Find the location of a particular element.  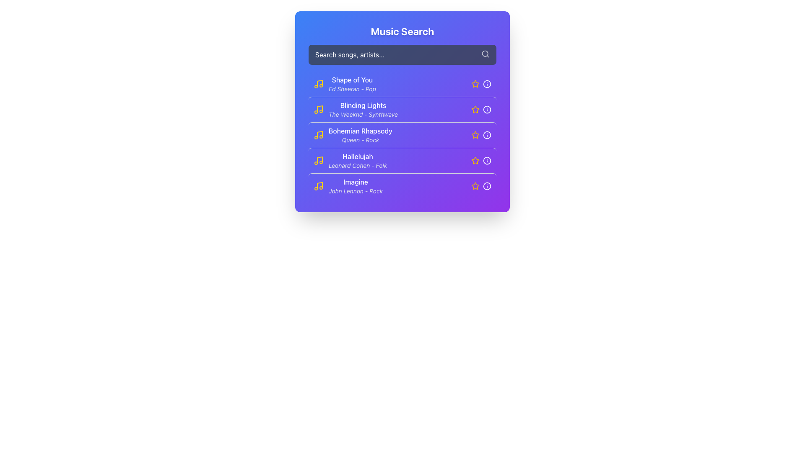

the yellow star icon with a hollow interior located to the right of the song title 'Shape of You' to mark it as a favorite is located at coordinates (475, 84).